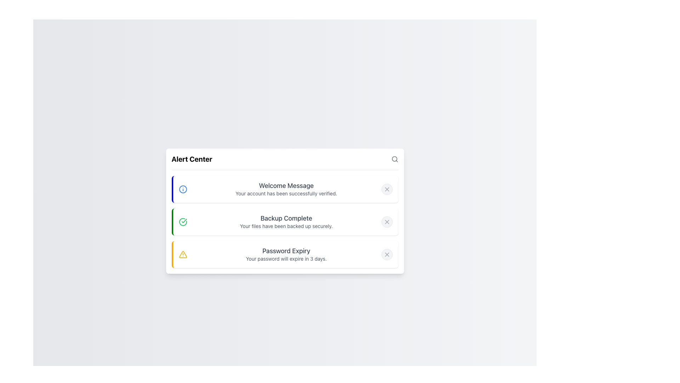  Describe the element at coordinates (286, 193) in the screenshot. I see `static text providing confirmation information about the successful verification of the user's account, positioned under the 'Welcome Message' heading in the card-style component` at that location.